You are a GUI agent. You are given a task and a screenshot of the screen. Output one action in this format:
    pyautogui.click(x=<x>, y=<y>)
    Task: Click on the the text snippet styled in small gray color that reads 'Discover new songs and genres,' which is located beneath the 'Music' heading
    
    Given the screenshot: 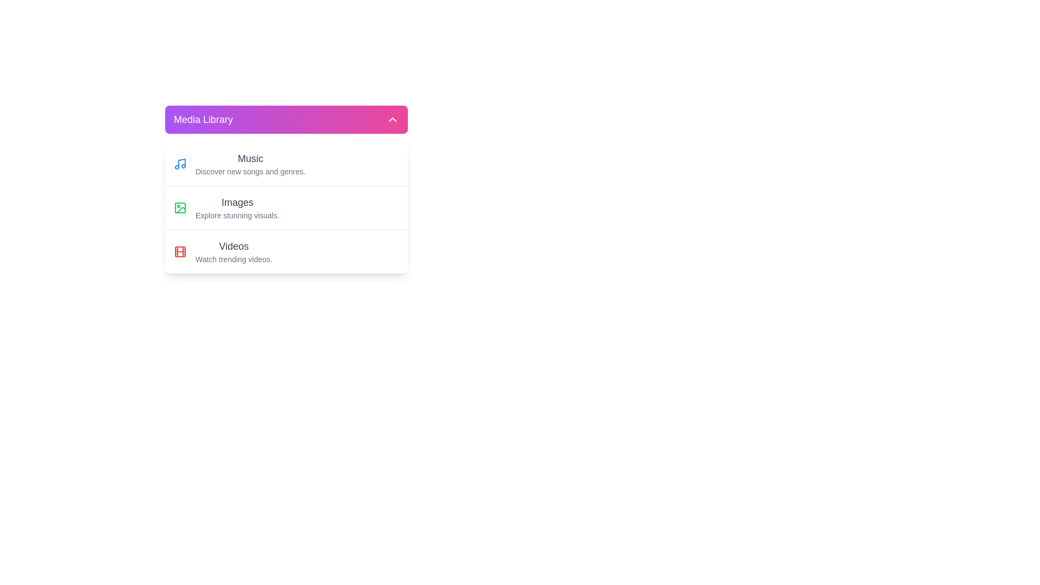 What is the action you would take?
    pyautogui.click(x=250, y=171)
    